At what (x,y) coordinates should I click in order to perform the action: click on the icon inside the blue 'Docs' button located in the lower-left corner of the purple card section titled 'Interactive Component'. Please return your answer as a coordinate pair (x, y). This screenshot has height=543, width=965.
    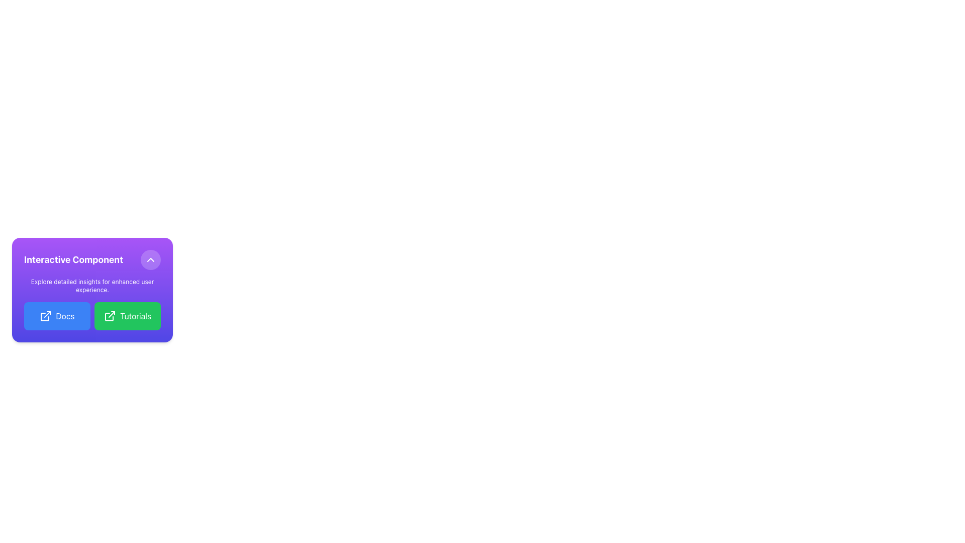
    Looking at the image, I should click on (45, 315).